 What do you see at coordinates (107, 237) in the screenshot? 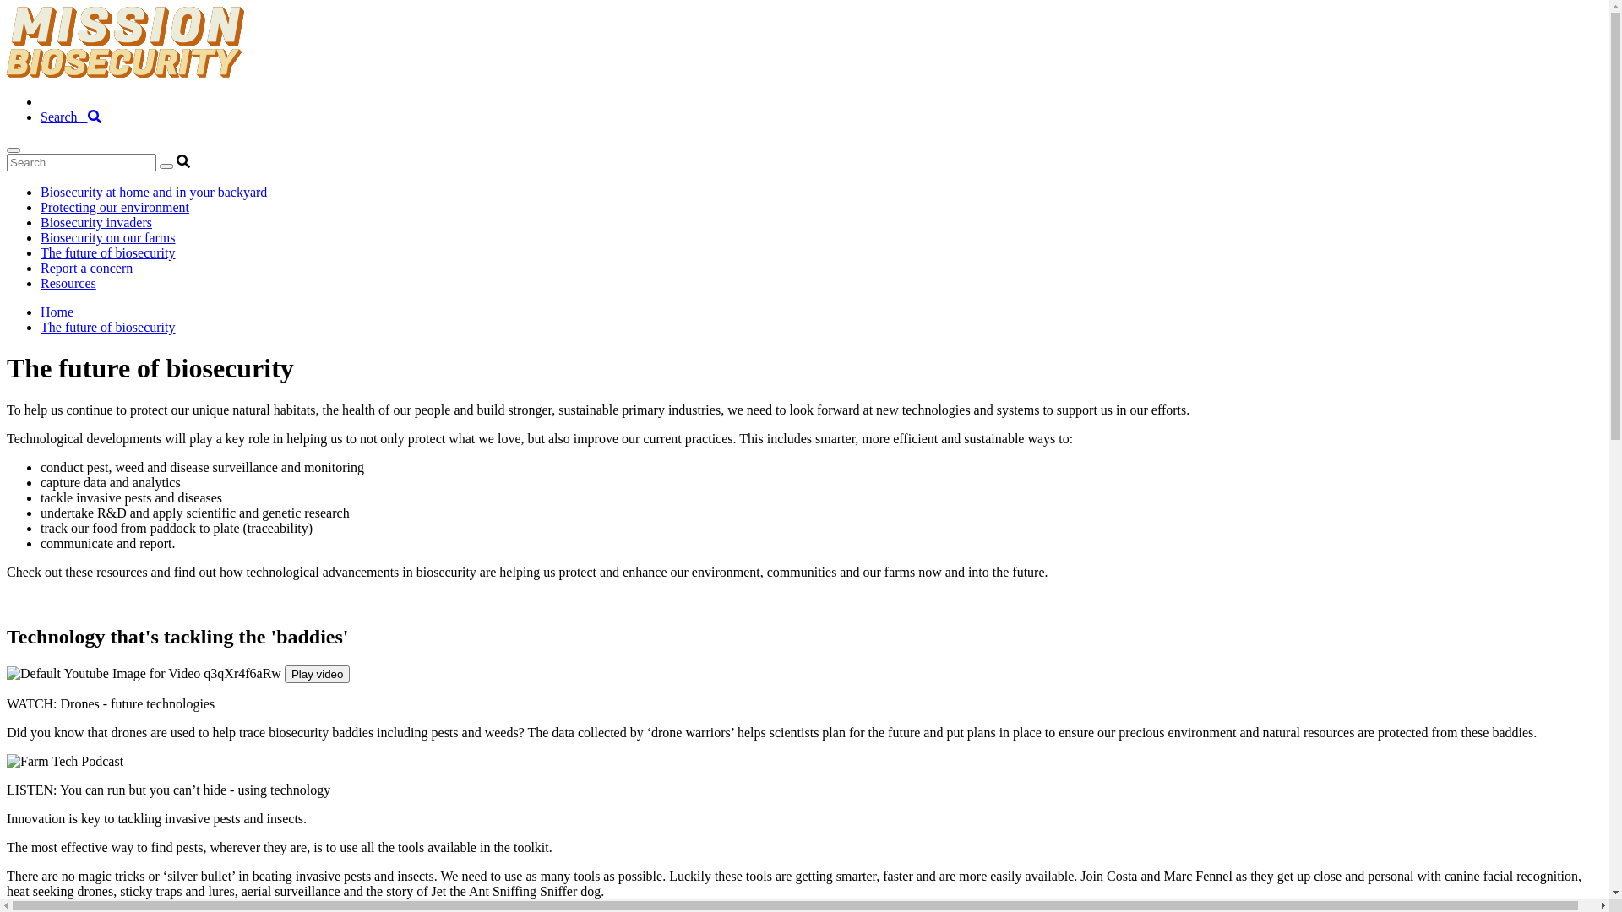
I see `'Biosecurity on our farms'` at bounding box center [107, 237].